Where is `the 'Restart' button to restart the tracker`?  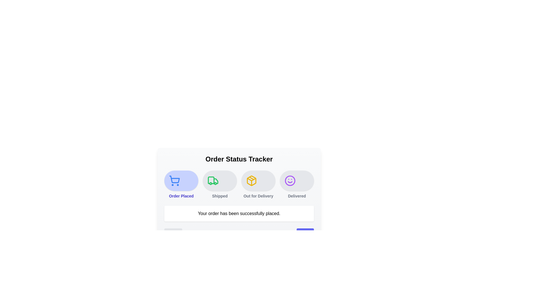 the 'Restart' button to restart the tracker is located at coordinates (305, 233).